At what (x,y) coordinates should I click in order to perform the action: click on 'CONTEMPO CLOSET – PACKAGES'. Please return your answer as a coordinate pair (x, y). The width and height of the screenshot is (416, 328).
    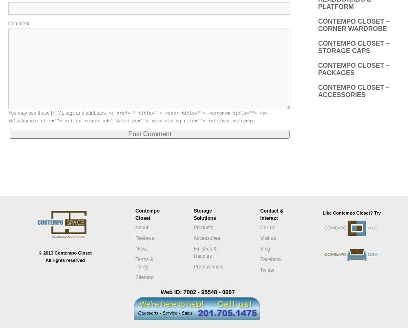
    Looking at the image, I should click on (353, 69).